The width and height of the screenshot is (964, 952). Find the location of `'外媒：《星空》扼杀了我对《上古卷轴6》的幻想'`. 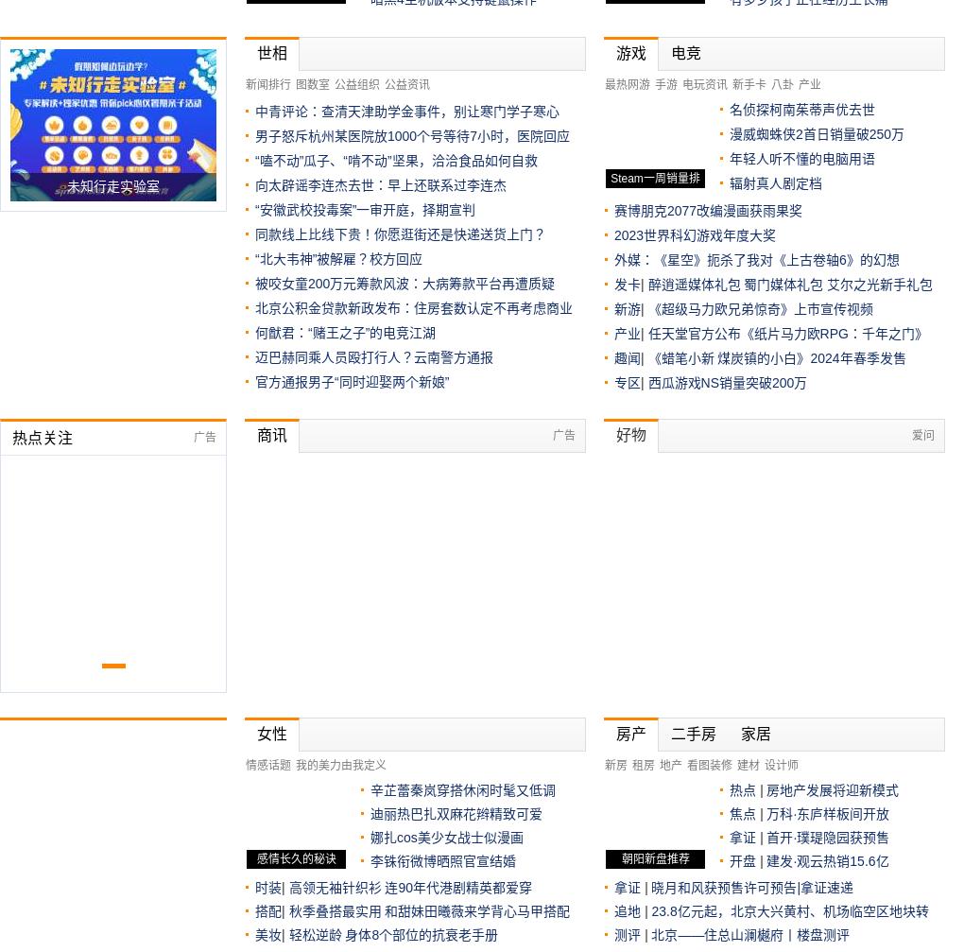

'外媒：《星空》扼杀了我对《上古卷轴6》的幻想' is located at coordinates (755, 260).